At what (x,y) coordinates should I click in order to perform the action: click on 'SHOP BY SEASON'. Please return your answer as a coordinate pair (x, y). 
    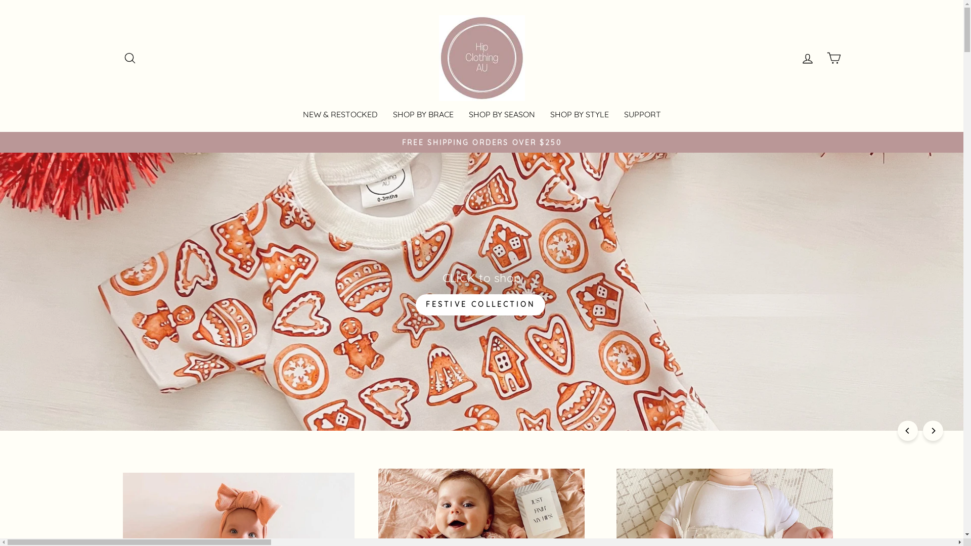
    Looking at the image, I should click on (502, 114).